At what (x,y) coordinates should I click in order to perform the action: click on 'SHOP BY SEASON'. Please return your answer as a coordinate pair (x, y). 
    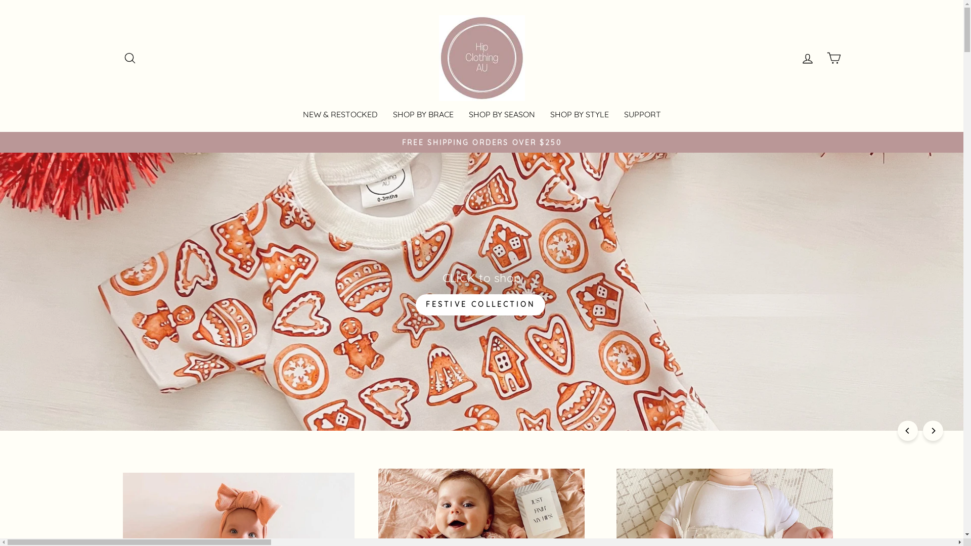
    Looking at the image, I should click on (502, 114).